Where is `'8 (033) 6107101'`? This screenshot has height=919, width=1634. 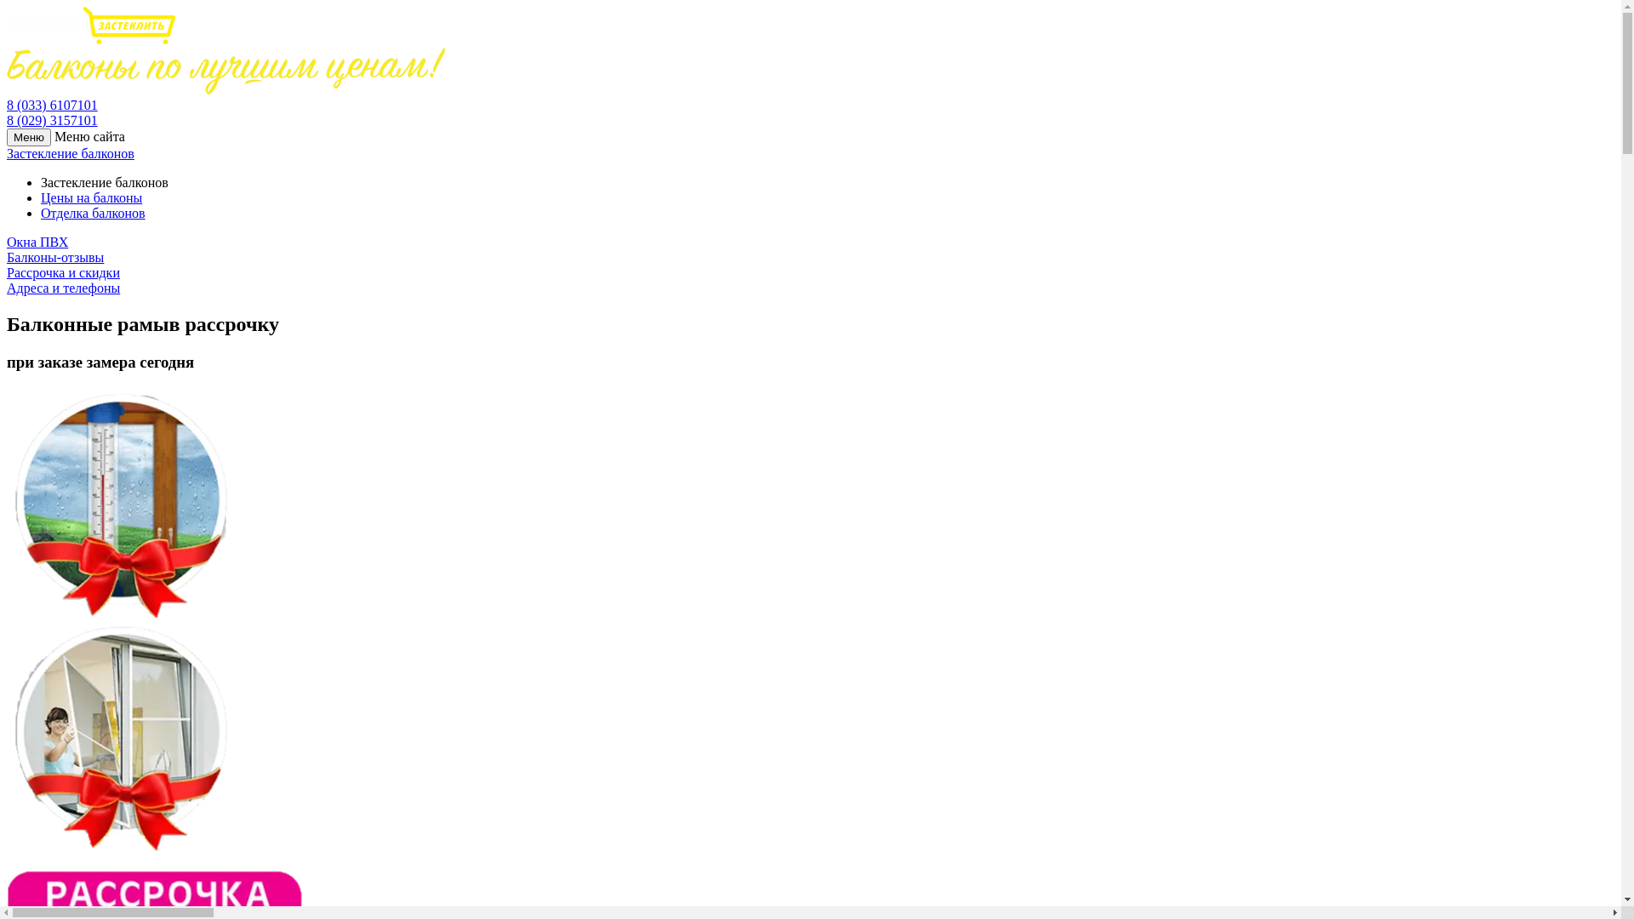 '8 (033) 6107101' is located at coordinates (52, 105).